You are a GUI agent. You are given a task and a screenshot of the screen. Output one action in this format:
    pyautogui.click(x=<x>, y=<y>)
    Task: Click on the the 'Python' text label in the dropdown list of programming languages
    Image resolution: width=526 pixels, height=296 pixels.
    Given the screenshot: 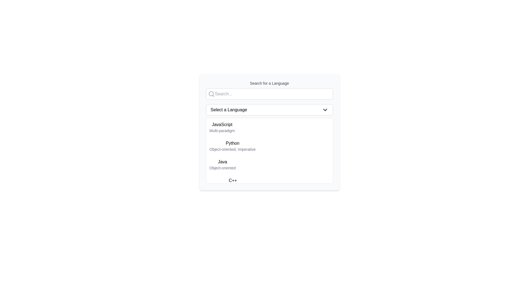 What is the action you would take?
    pyautogui.click(x=233, y=143)
    